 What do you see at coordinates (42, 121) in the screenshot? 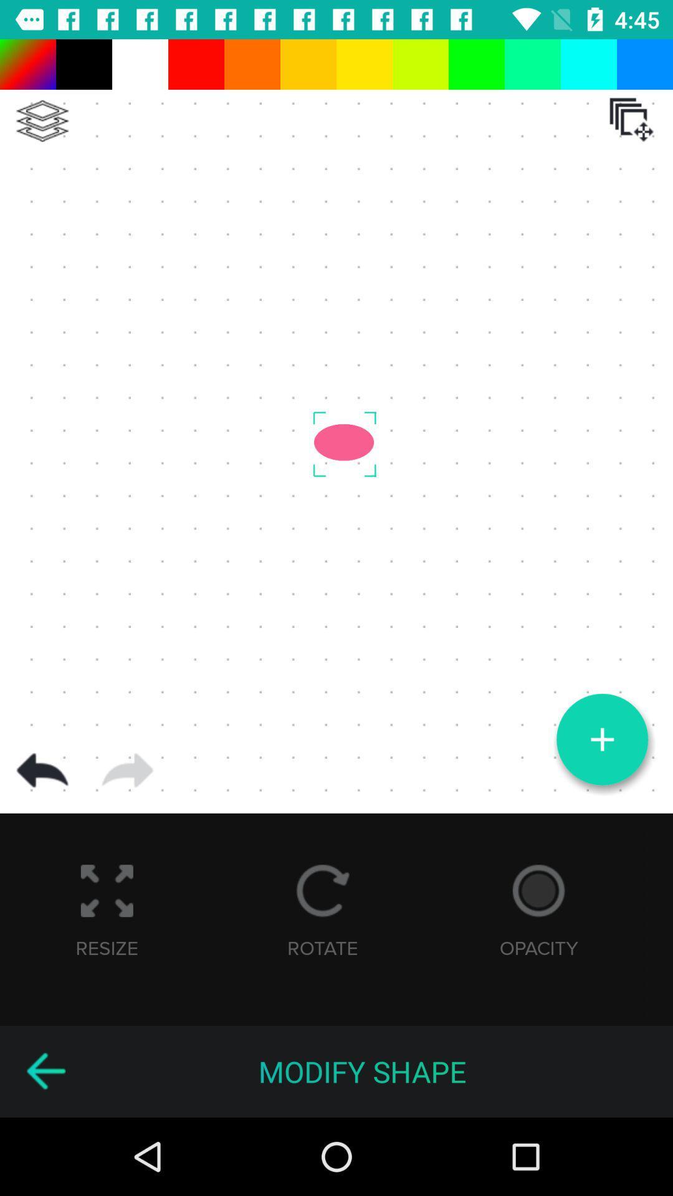
I see `setting menu` at bounding box center [42, 121].